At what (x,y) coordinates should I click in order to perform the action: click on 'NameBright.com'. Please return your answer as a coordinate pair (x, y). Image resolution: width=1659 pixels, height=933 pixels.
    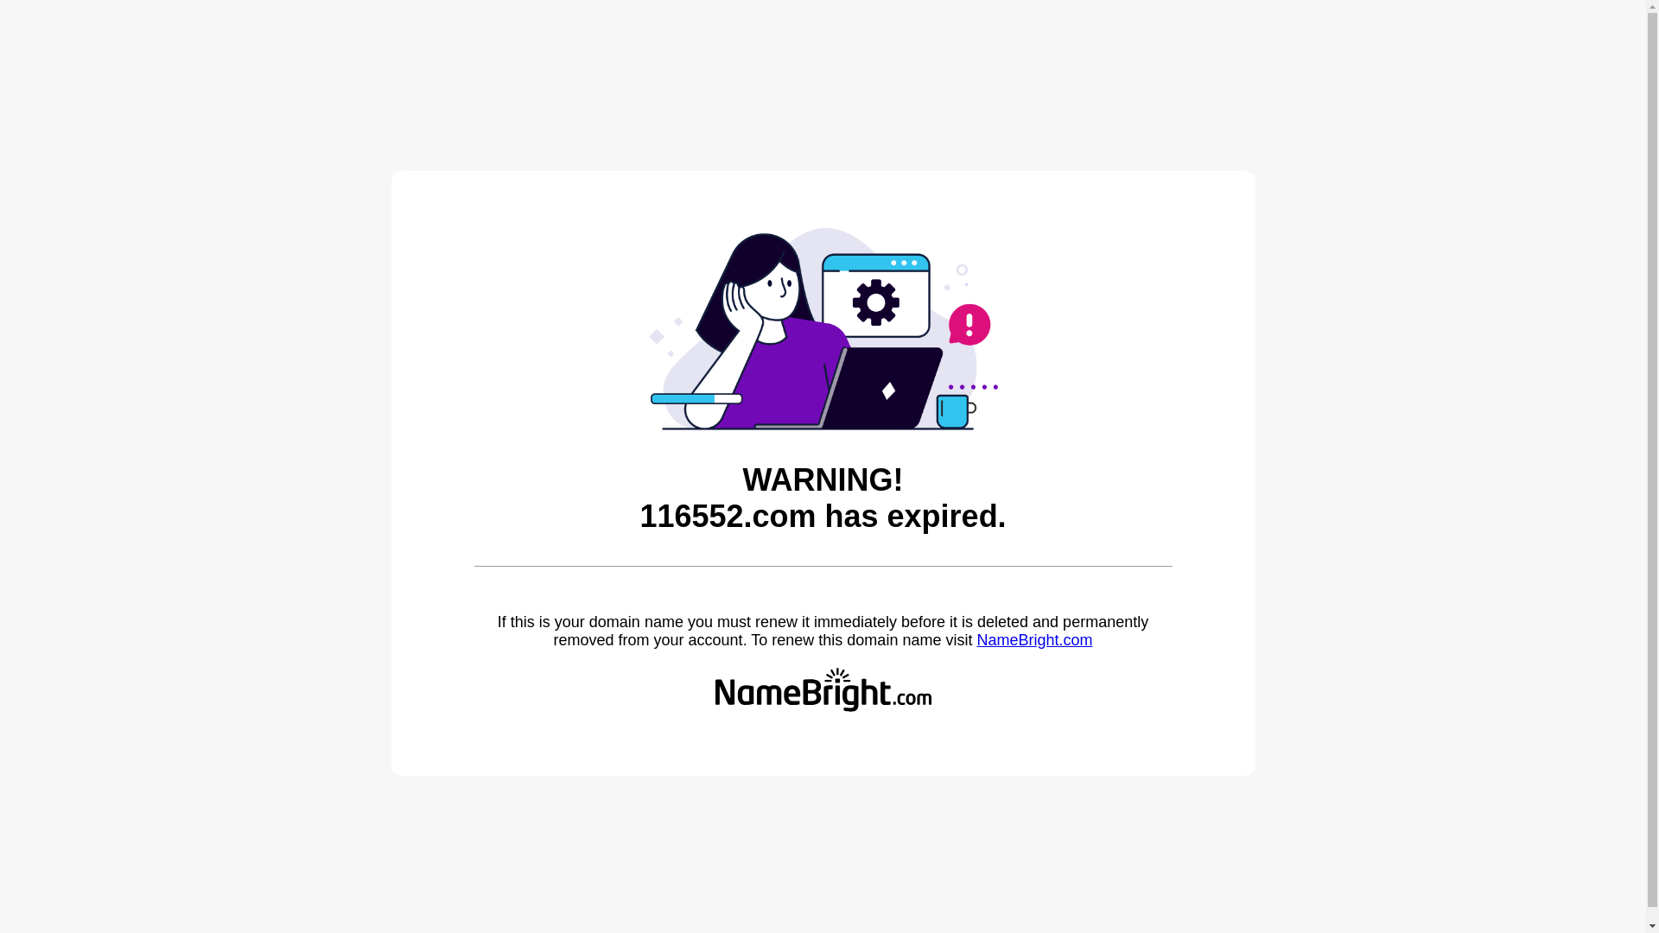
    Looking at the image, I should click on (1033, 639).